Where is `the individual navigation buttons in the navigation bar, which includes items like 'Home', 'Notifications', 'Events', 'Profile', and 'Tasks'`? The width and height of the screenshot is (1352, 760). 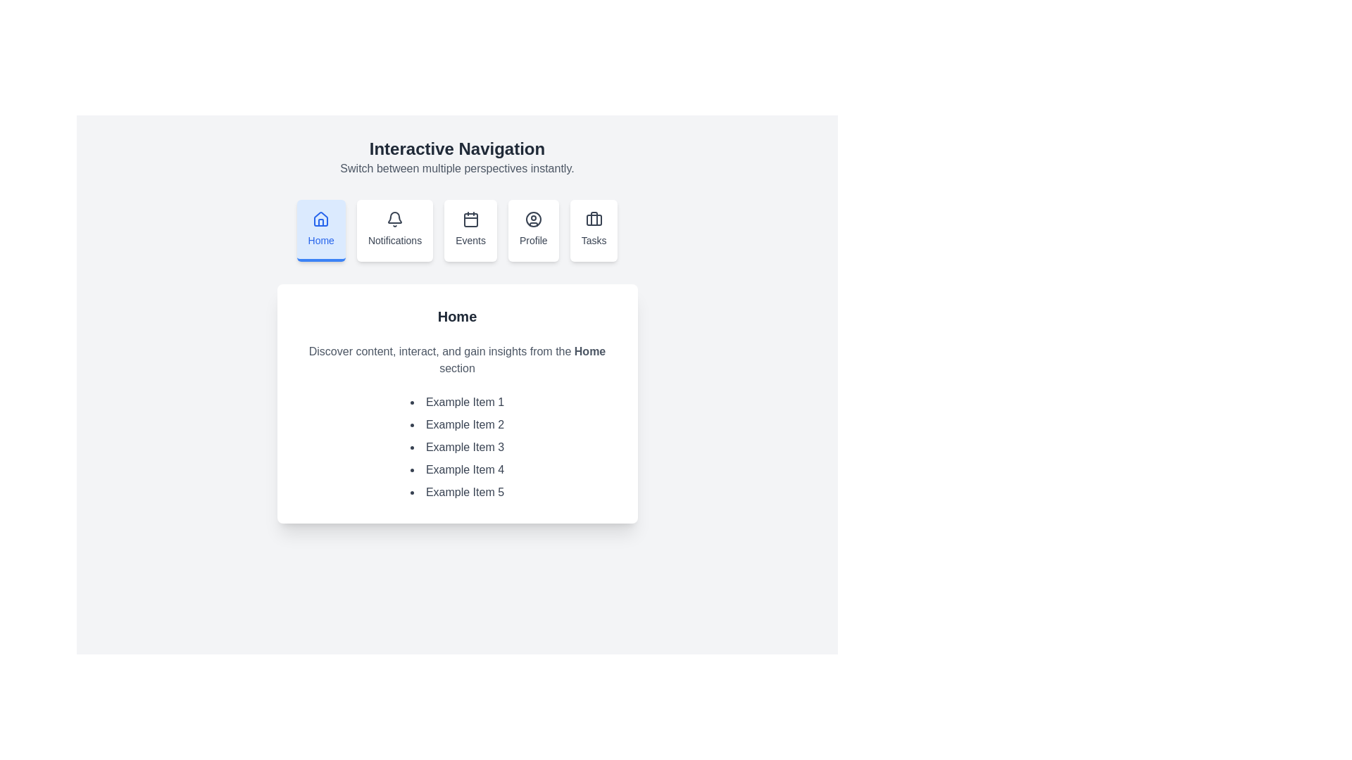
the individual navigation buttons in the navigation bar, which includes items like 'Home', 'Notifications', 'Events', 'Profile', and 'Tasks' is located at coordinates (457, 229).